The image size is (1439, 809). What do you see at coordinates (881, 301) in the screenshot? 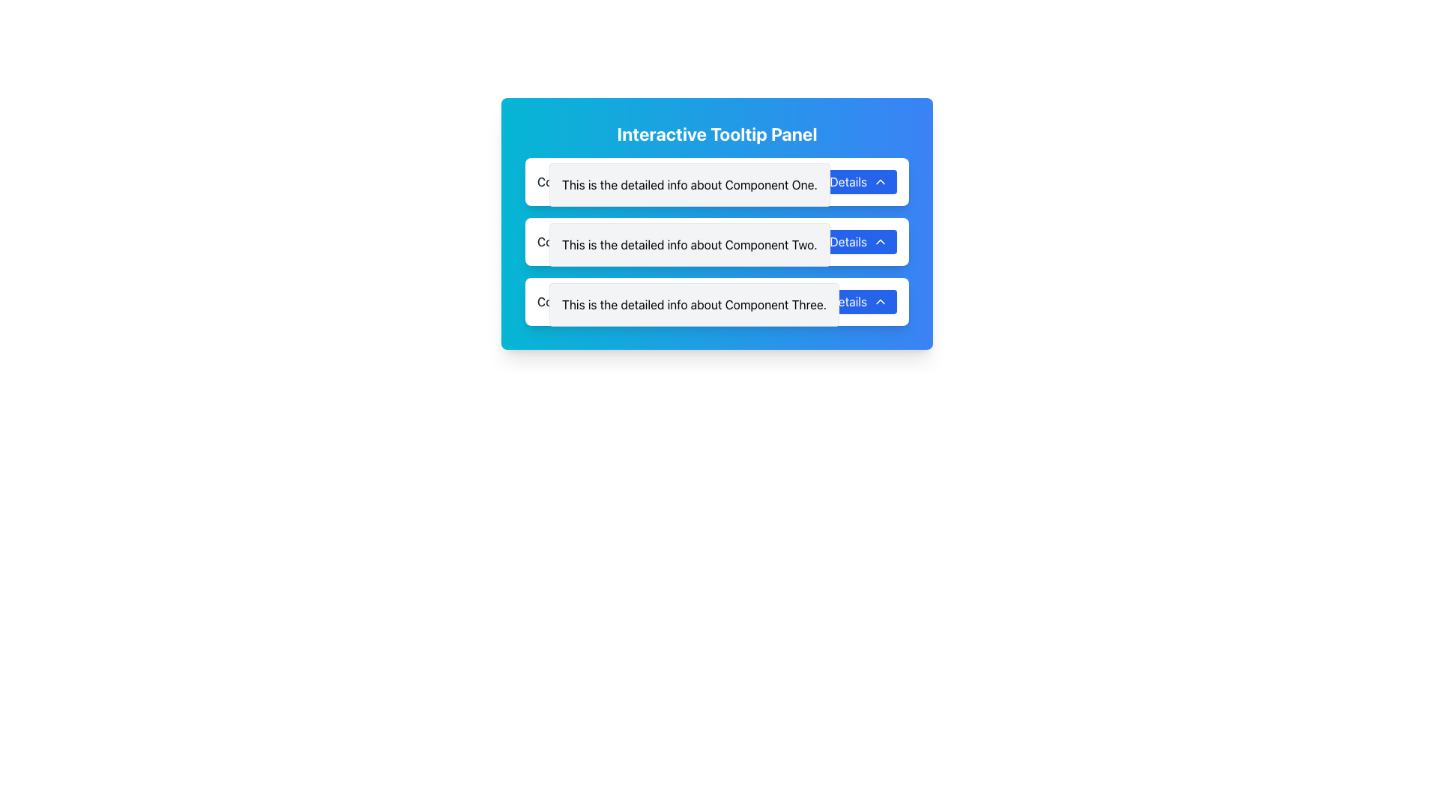
I see `the chevron icon located at the bottom-right of the 'Details' button for the third component, which indicates the toggle for collapsing or expanding the section of details` at bounding box center [881, 301].